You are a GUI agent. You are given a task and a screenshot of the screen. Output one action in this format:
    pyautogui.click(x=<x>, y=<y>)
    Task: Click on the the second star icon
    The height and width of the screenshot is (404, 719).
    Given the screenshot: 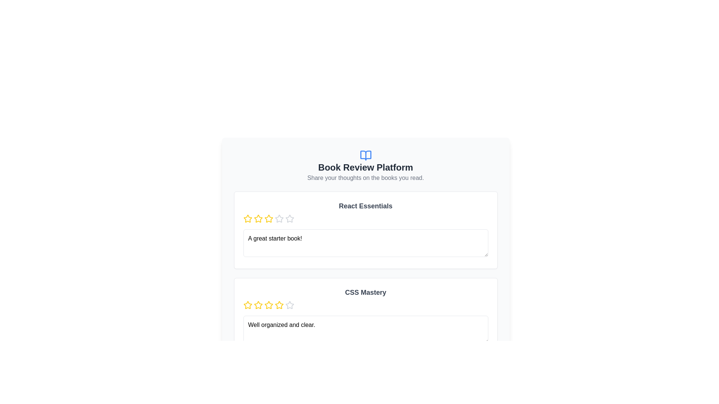 What is the action you would take?
    pyautogui.click(x=258, y=305)
    